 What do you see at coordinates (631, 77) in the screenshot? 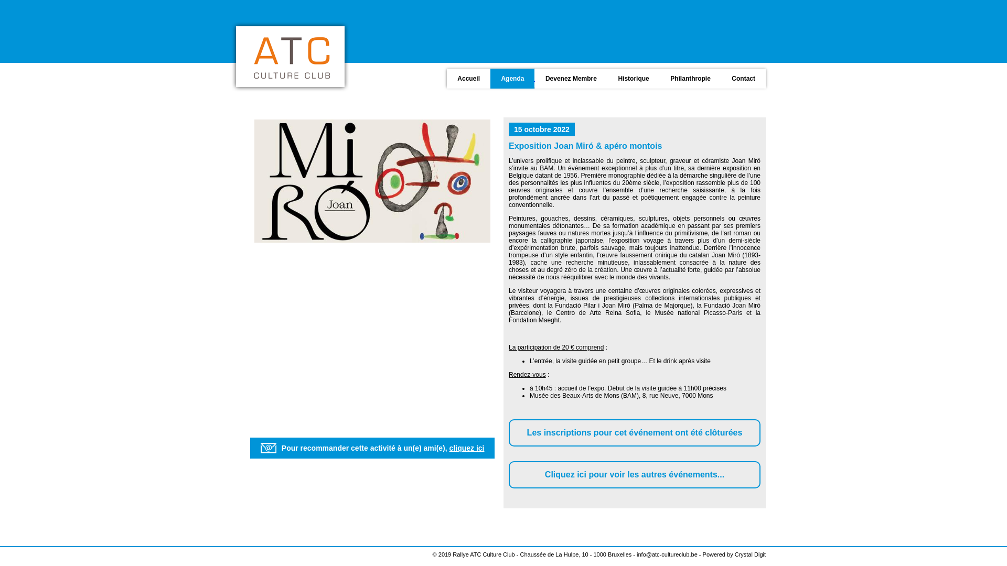
I see `'Historique'` at bounding box center [631, 77].